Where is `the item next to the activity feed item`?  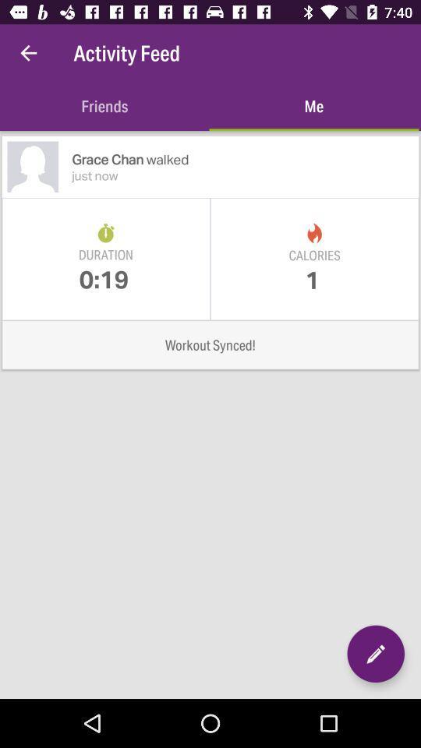
the item next to the activity feed item is located at coordinates (28, 53).